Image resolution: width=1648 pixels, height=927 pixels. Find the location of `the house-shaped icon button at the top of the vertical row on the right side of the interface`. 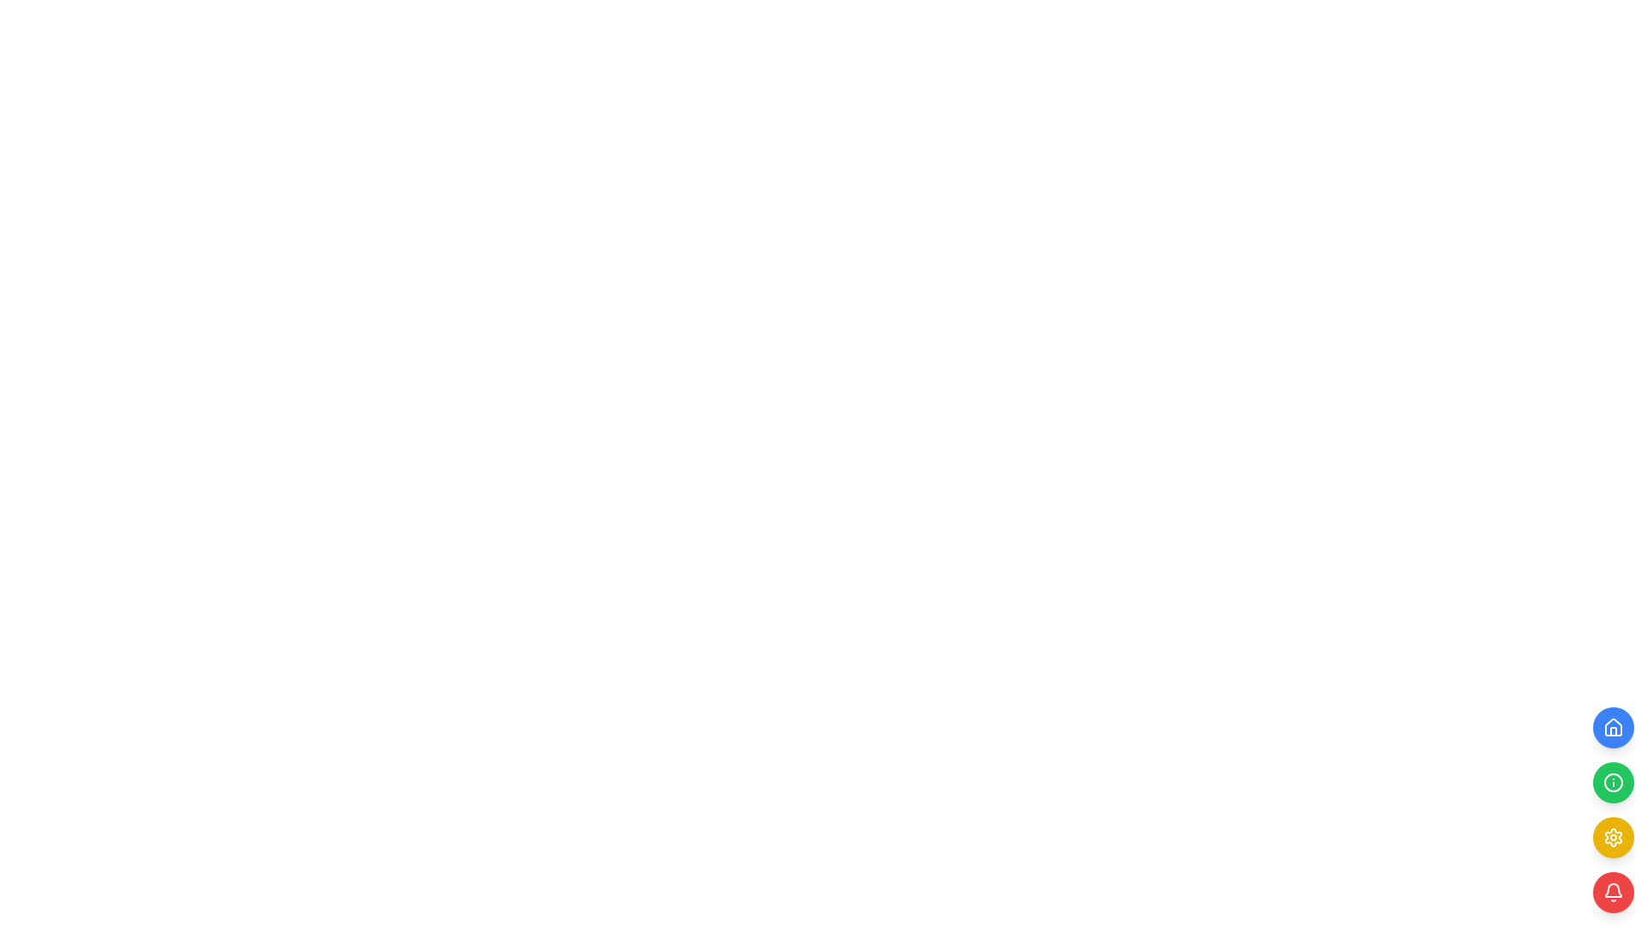

the house-shaped icon button at the top of the vertical row on the right side of the interface is located at coordinates (1613, 728).